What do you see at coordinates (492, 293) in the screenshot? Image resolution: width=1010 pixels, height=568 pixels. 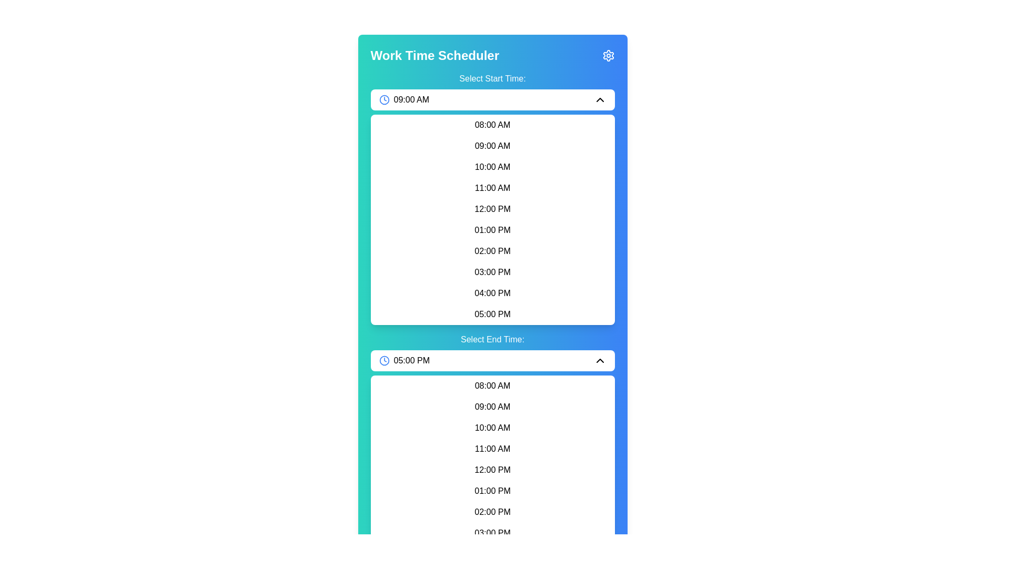 I see `the selectable list item displaying '04:00 PM' in bold black` at bounding box center [492, 293].